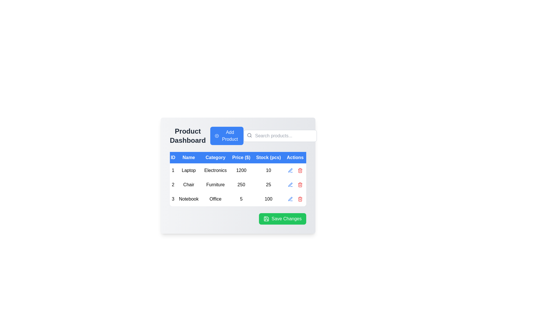  I want to click on the red trash can icon button in the 'Actions' column of the 'Notebook' row, so click(300, 199).